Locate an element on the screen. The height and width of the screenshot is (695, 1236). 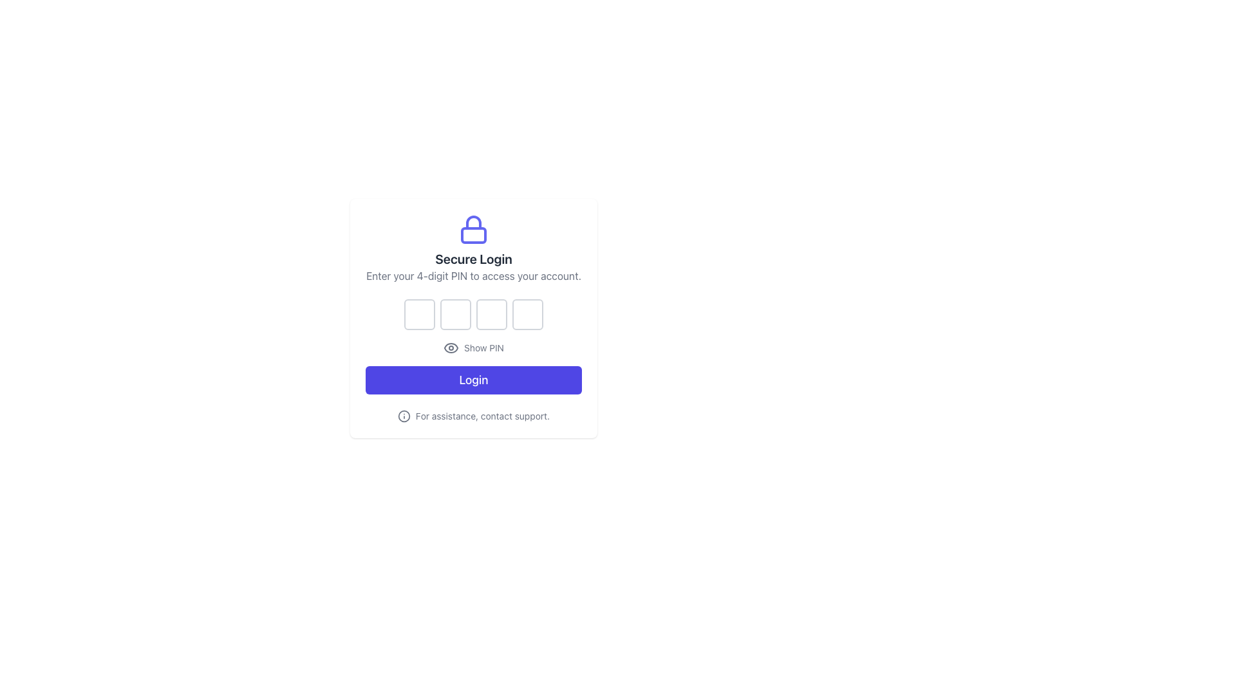
the upper section of the padlock icon representing security in the login interface is located at coordinates (473, 222).